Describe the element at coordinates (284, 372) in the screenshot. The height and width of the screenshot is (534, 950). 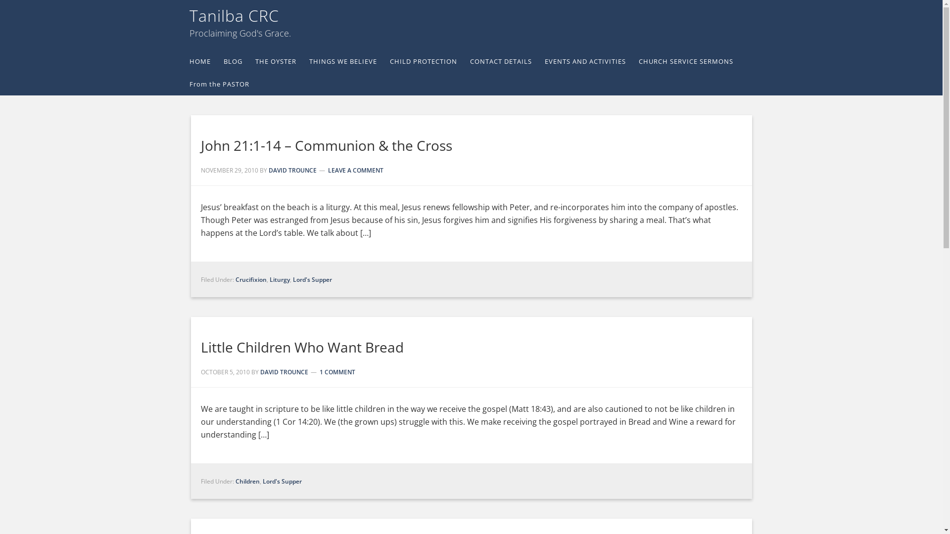
I see `'DAVID TROUNCE'` at that location.